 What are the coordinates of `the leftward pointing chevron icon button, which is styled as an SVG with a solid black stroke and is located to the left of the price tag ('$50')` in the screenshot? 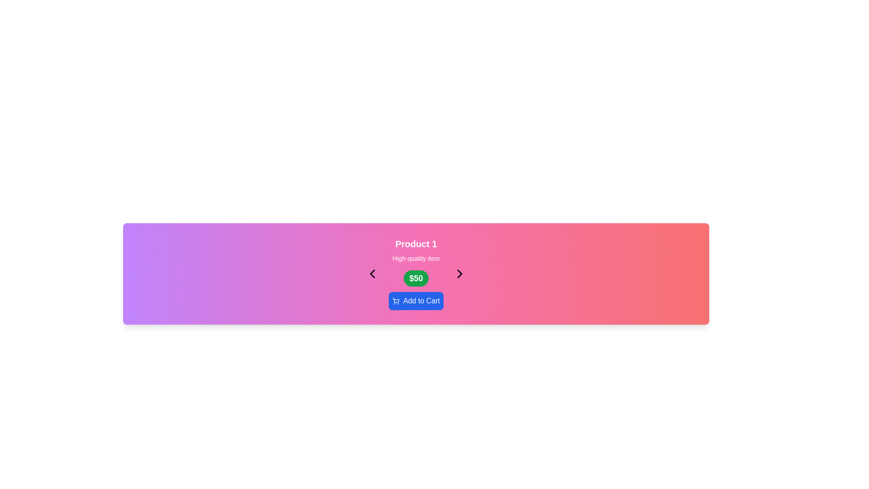 It's located at (372, 273).